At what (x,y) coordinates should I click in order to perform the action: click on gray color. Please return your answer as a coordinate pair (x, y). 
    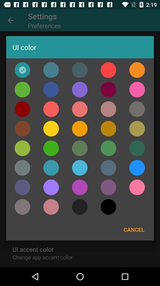
    Looking at the image, I should click on (137, 109).